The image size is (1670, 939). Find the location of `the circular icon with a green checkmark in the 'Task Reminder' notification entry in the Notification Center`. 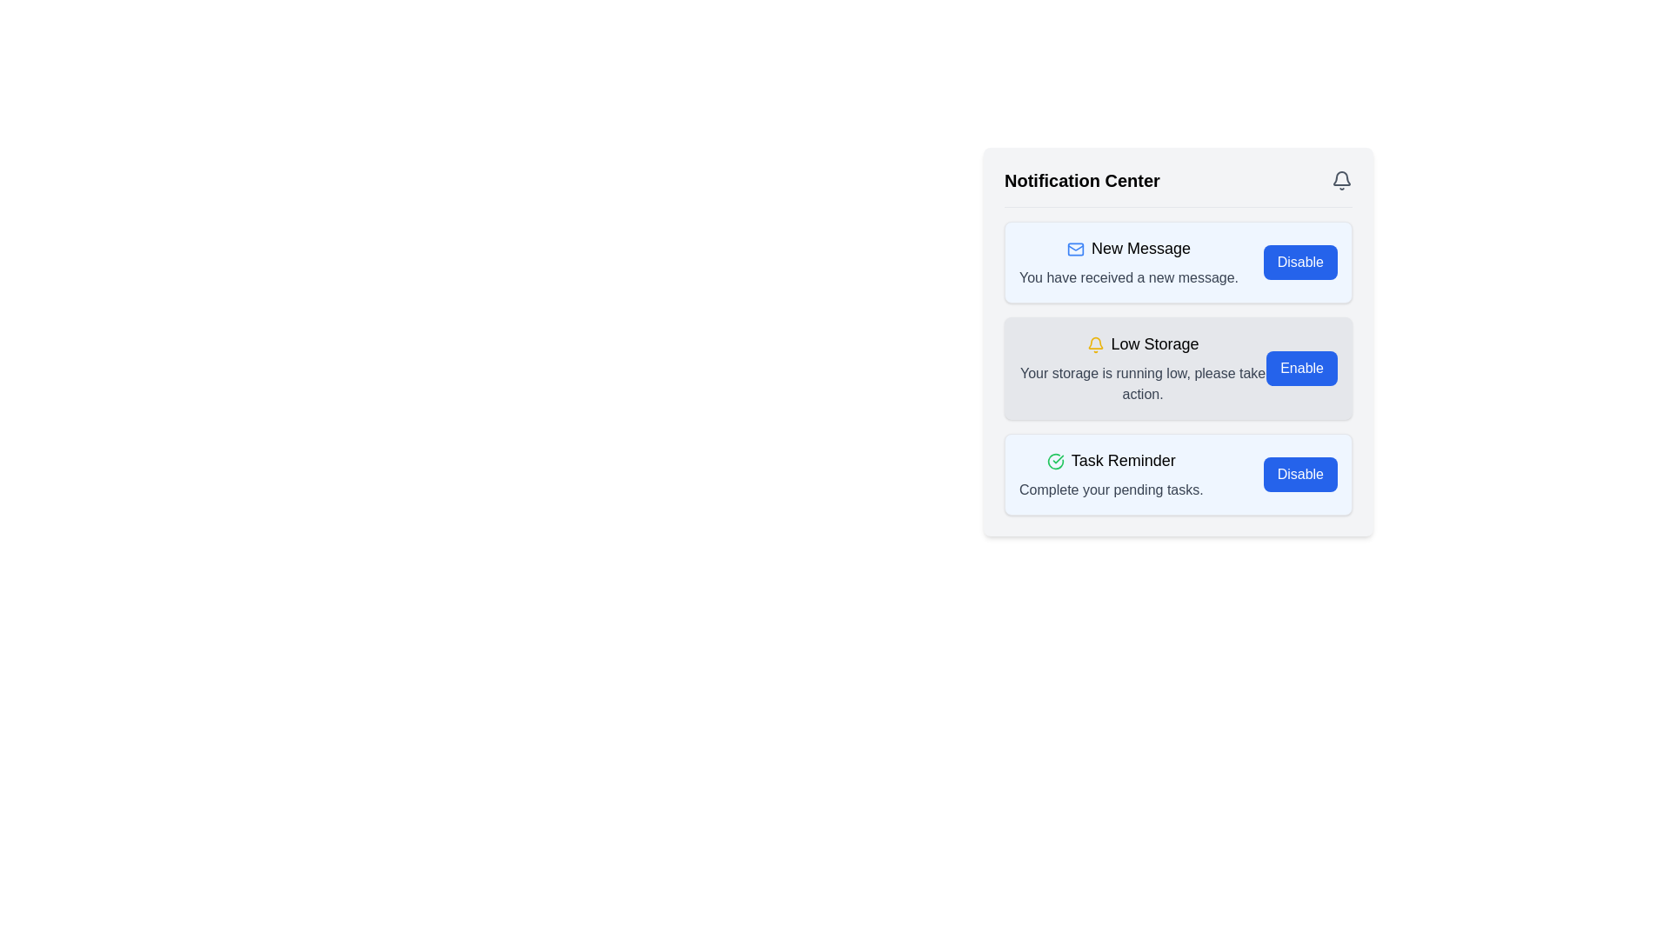

the circular icon with a green checkmark in the 'Task Reminder' notification entry in the Notification Center is located at coordinates (1054, 461).